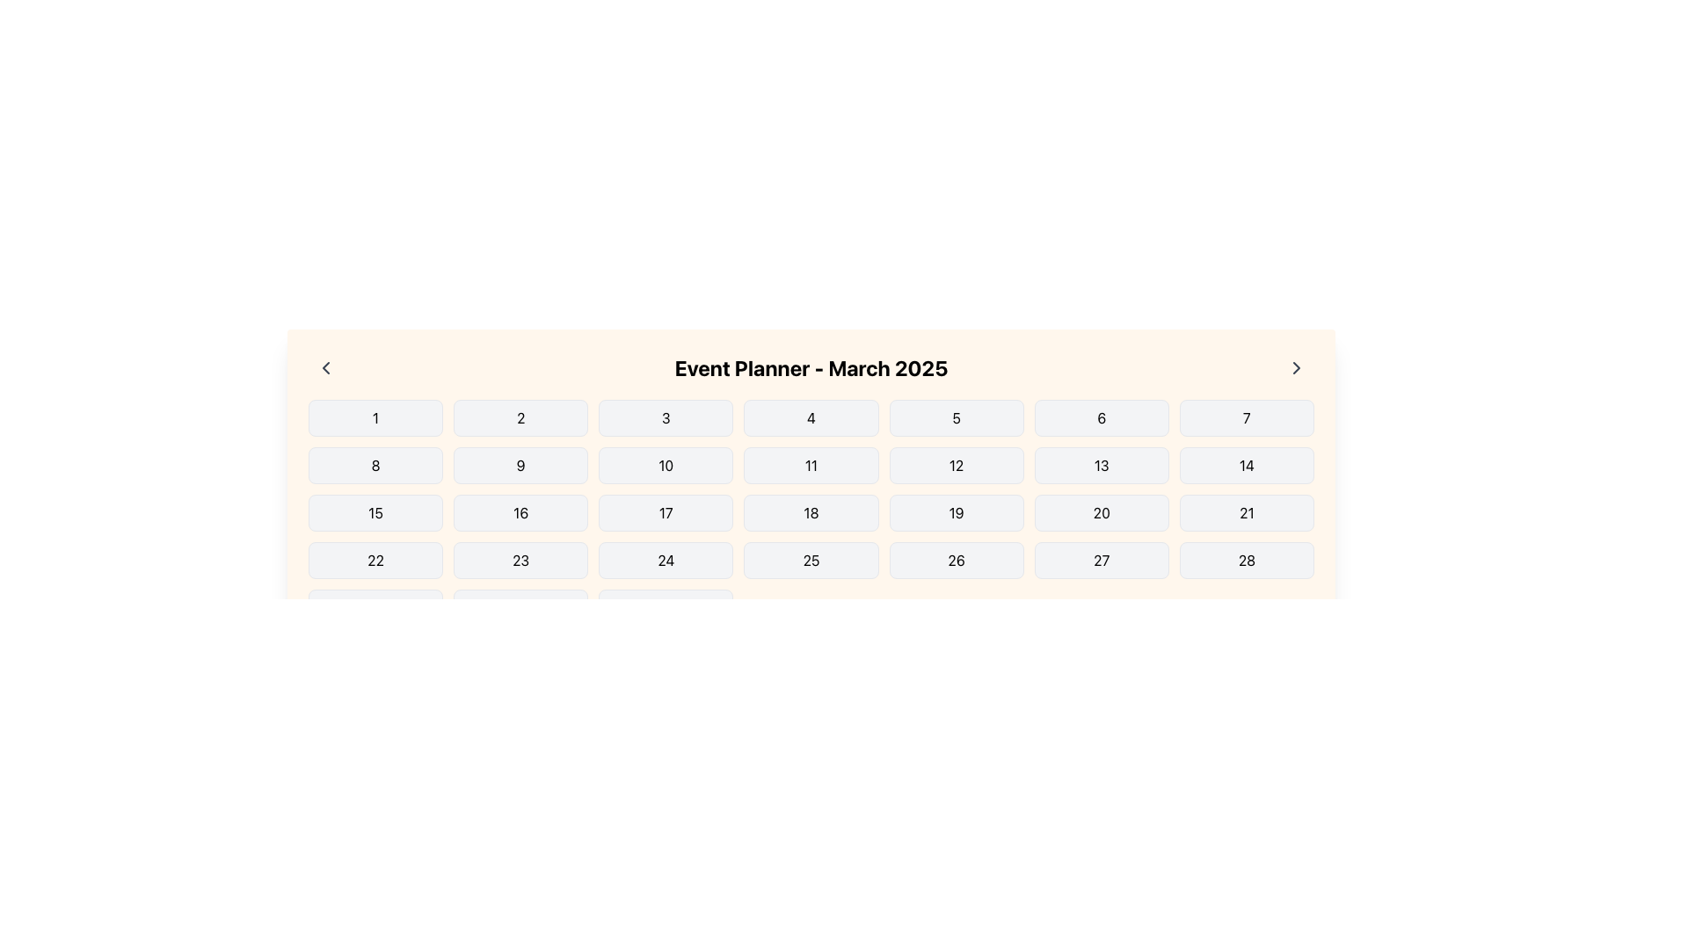  What do you see at coordinates (810, 367) in the screenshot?
I see `the central text display element (header) indicating events for March 2025, which is positioned between two navigation buttons` at bounding box center [810, 367].